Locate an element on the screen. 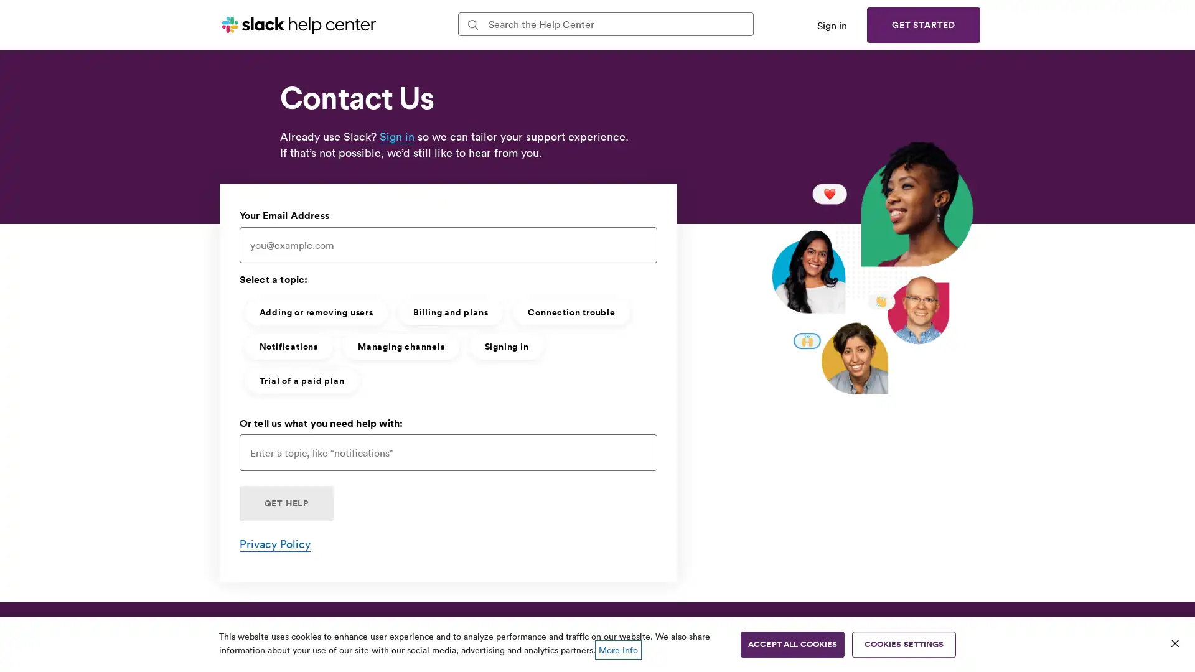 The width and height of the screenshot is (1195, 672). ACCEPT ALL COOKIES is located at coordinates (792, 644).